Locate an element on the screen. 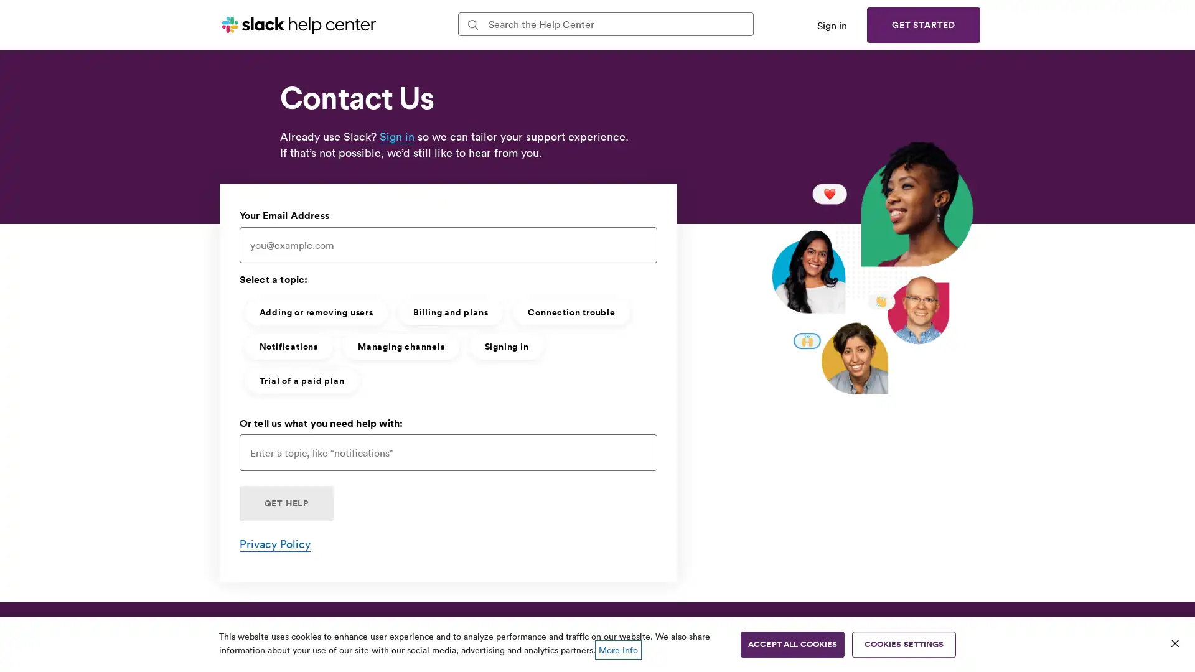 The width and height of the screenshot is (1195, 672). ACCEPT ALL COOKIES is located at coordinates (792, 644).